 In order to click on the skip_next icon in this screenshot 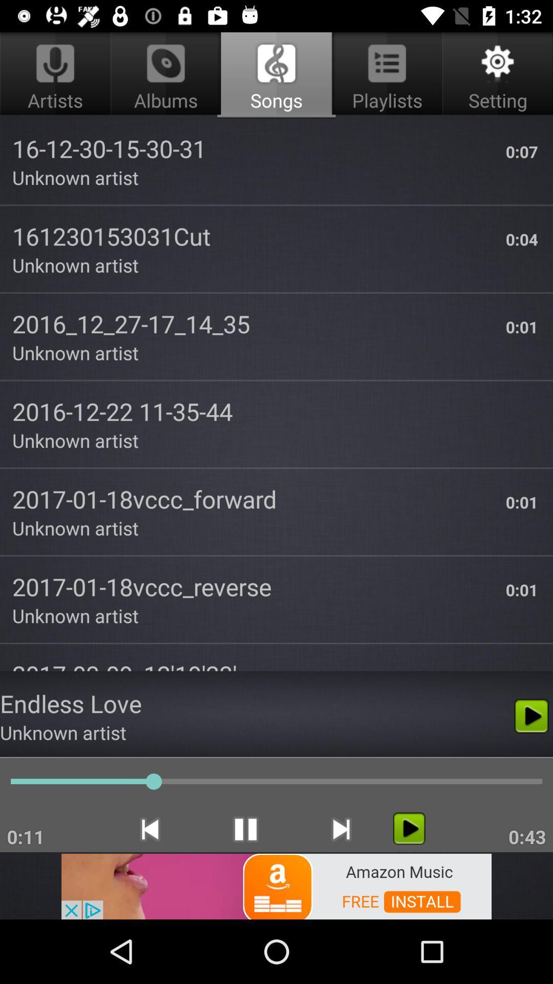, I will do `click(341, 829)`.